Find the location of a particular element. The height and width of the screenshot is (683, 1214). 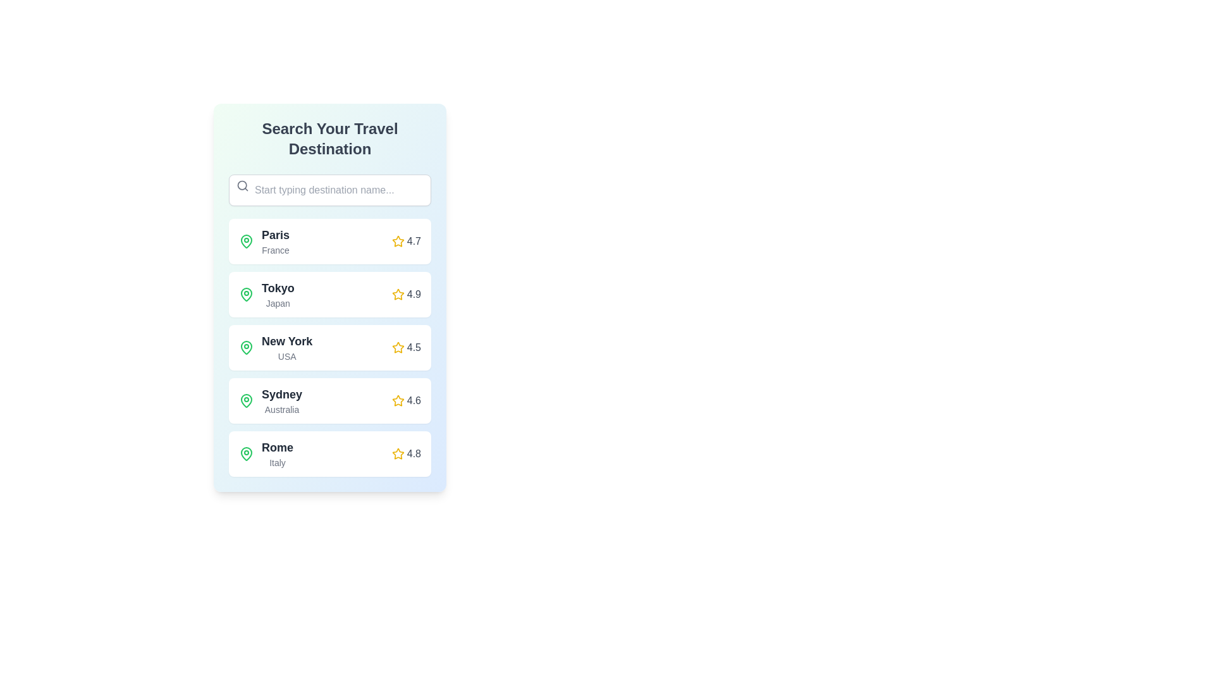

the destination card for 'New York, USA' with a light blue background is located at coordinates (330, 348).